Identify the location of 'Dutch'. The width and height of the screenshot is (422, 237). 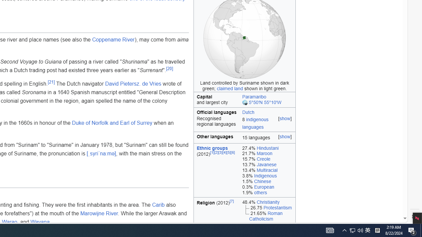
(248, 112).